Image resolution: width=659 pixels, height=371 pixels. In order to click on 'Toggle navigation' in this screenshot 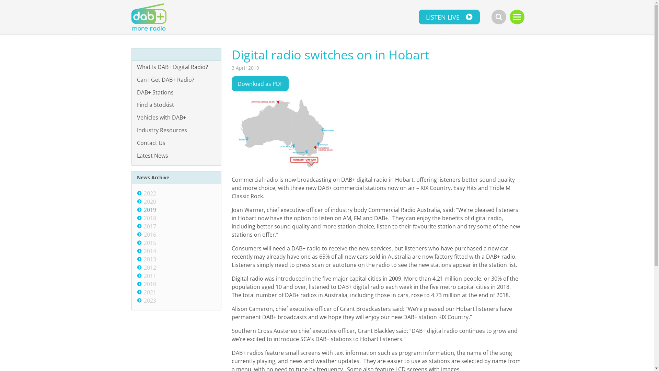, I will do `click(517, 16)`.